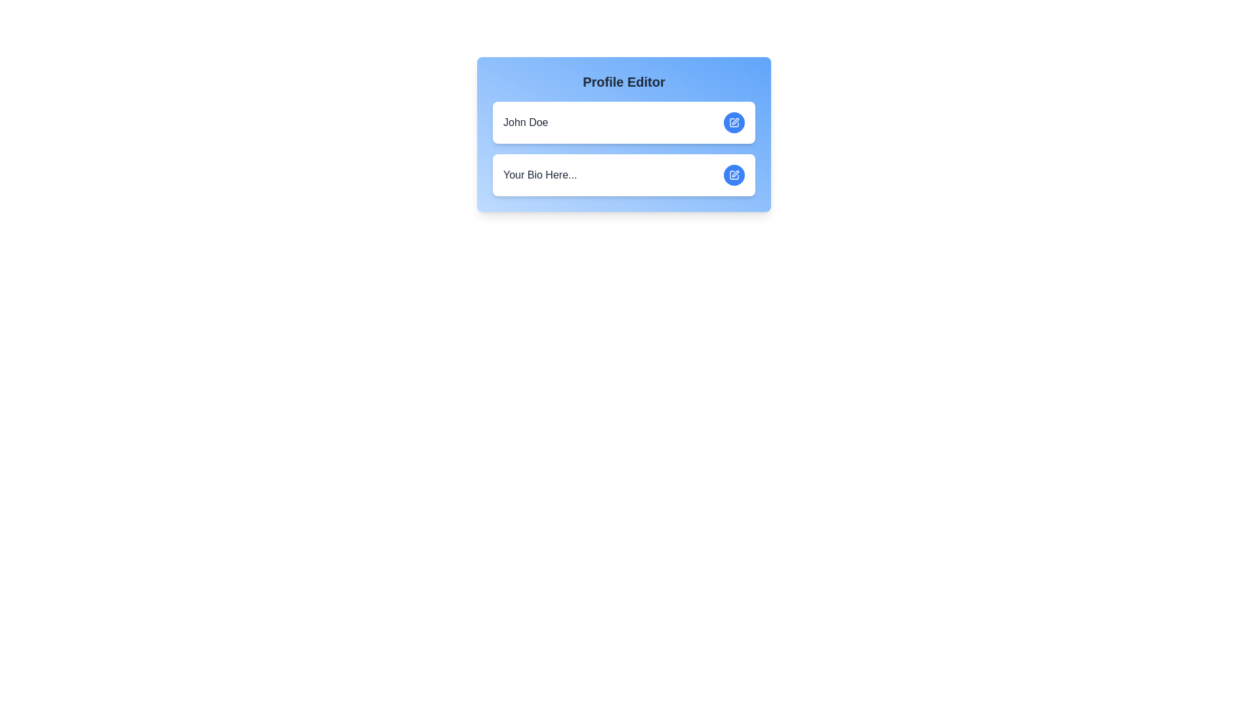  Describe the element at coordinates (736, 121) in the screenshot. I see `the small pen icon within the blue circular button located at the top right corner of the input field labeled 'John Doe'` at that location.